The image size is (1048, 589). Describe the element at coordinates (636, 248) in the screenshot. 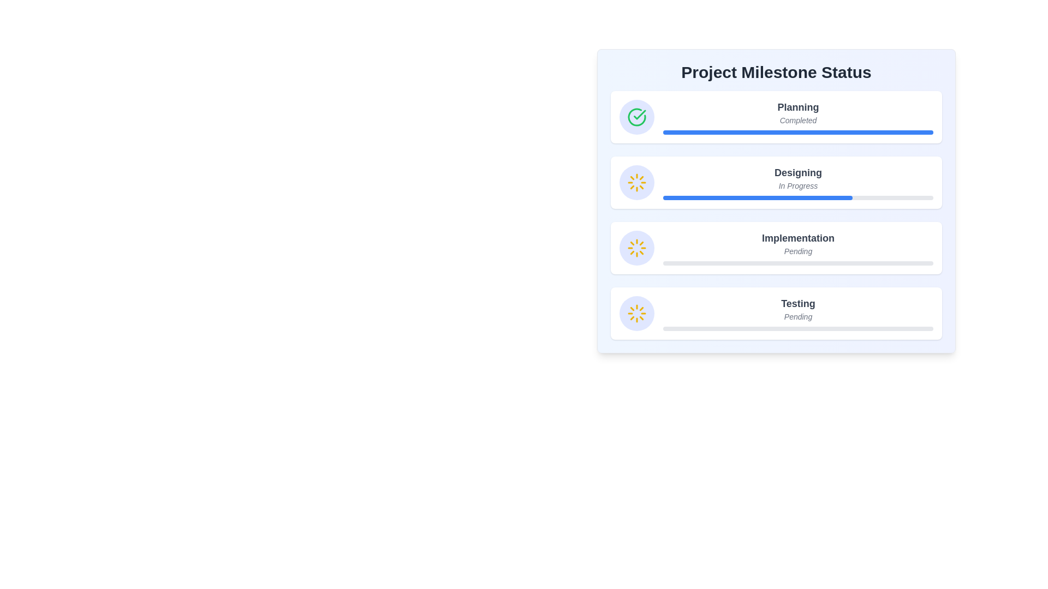

I see `the circular Loader icon with a light blue background and a yellow loader symbol, located at the beginning of the 'Implementation' milestone row in the project milestone interface` at that location.